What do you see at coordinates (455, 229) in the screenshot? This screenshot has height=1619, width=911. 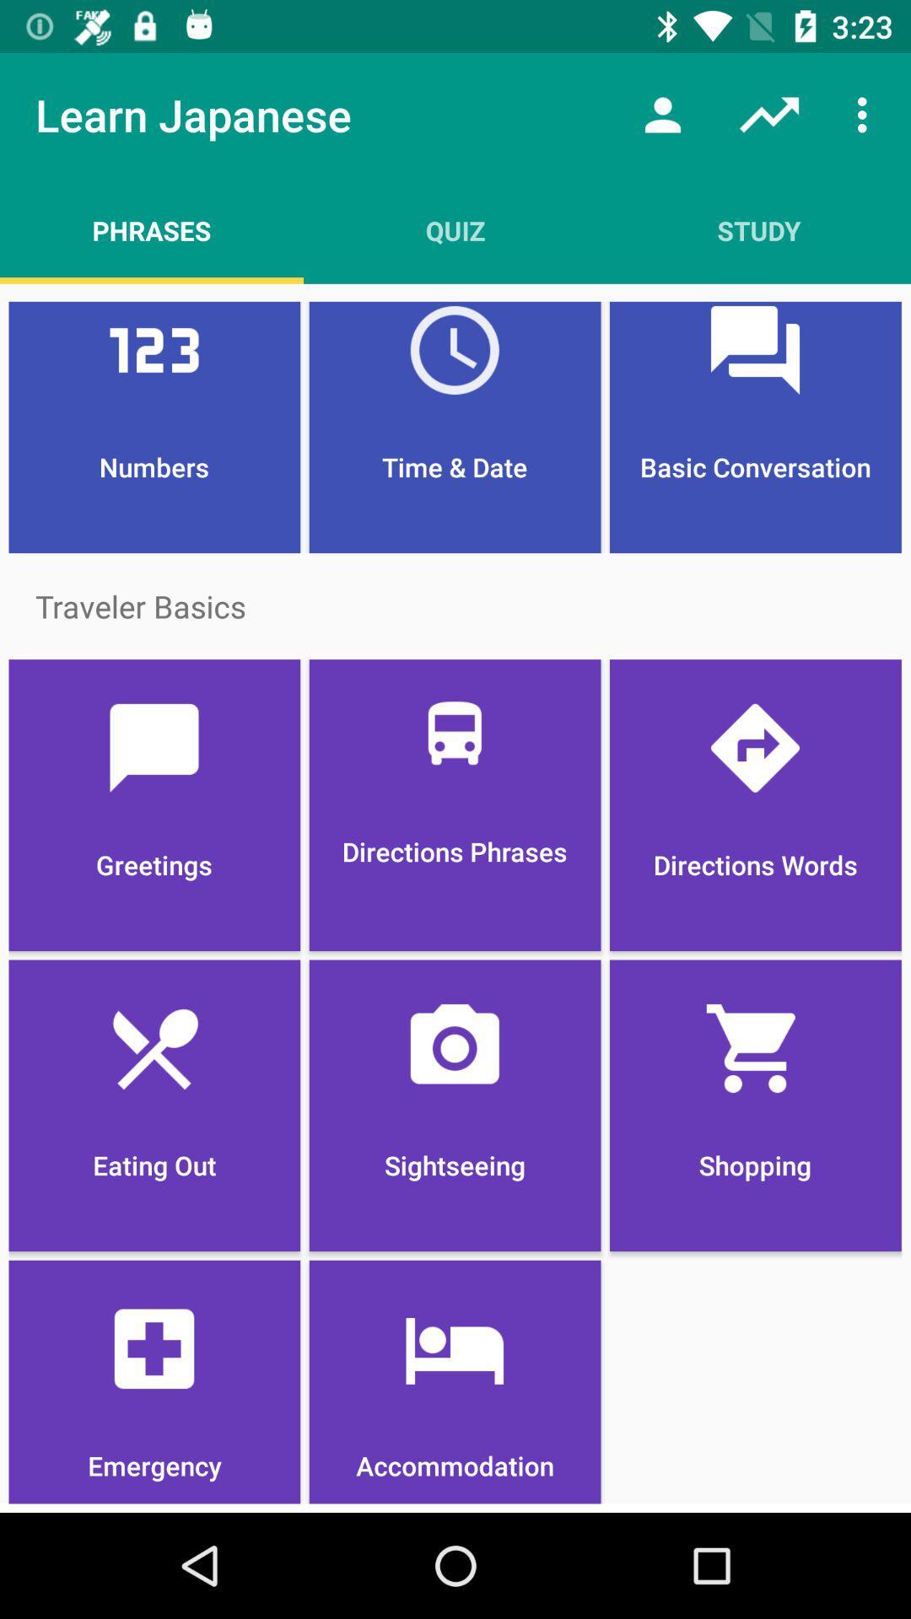 I see `app next to phrases icon` at bounding box center [455, 229].